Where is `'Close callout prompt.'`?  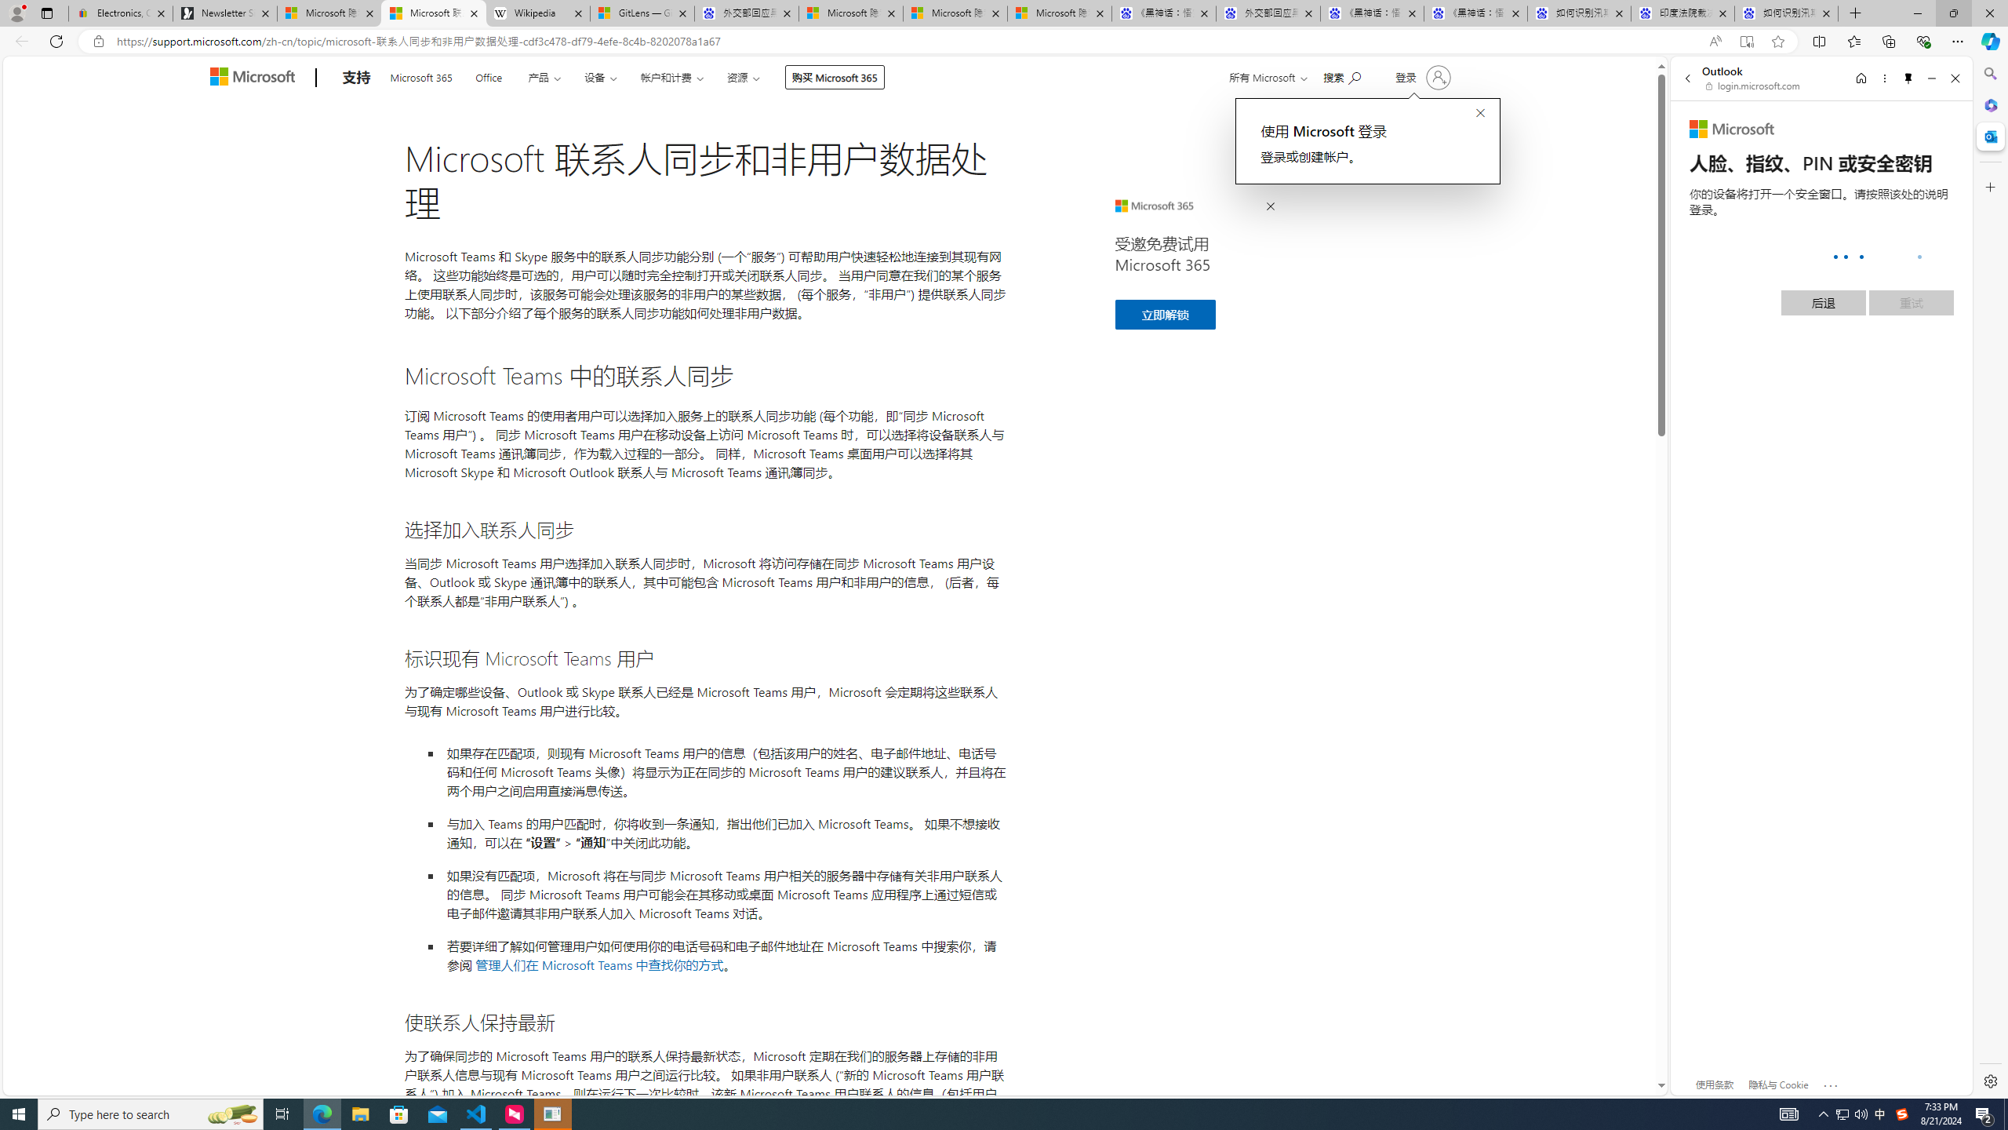
'Close callout prompt.' is located at coordinates (1479, 114).